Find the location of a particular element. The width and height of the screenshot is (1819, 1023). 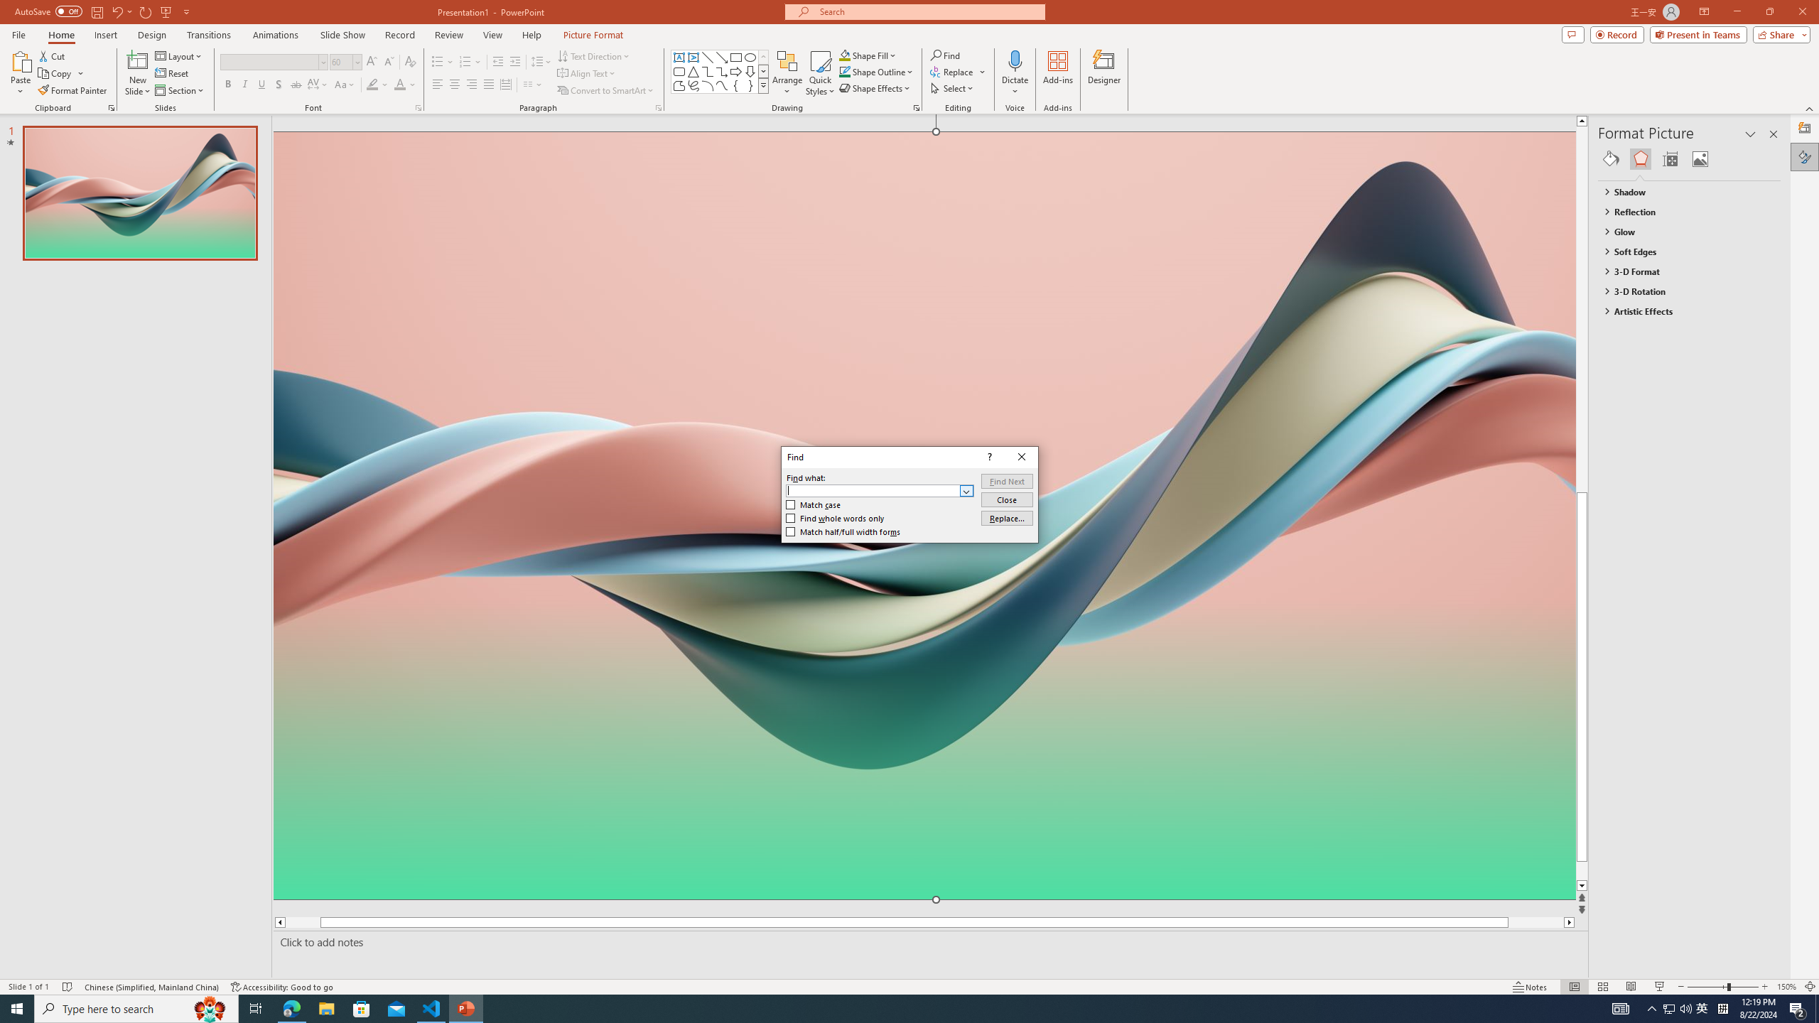

'Context help' is located at coordinates (988, 457).